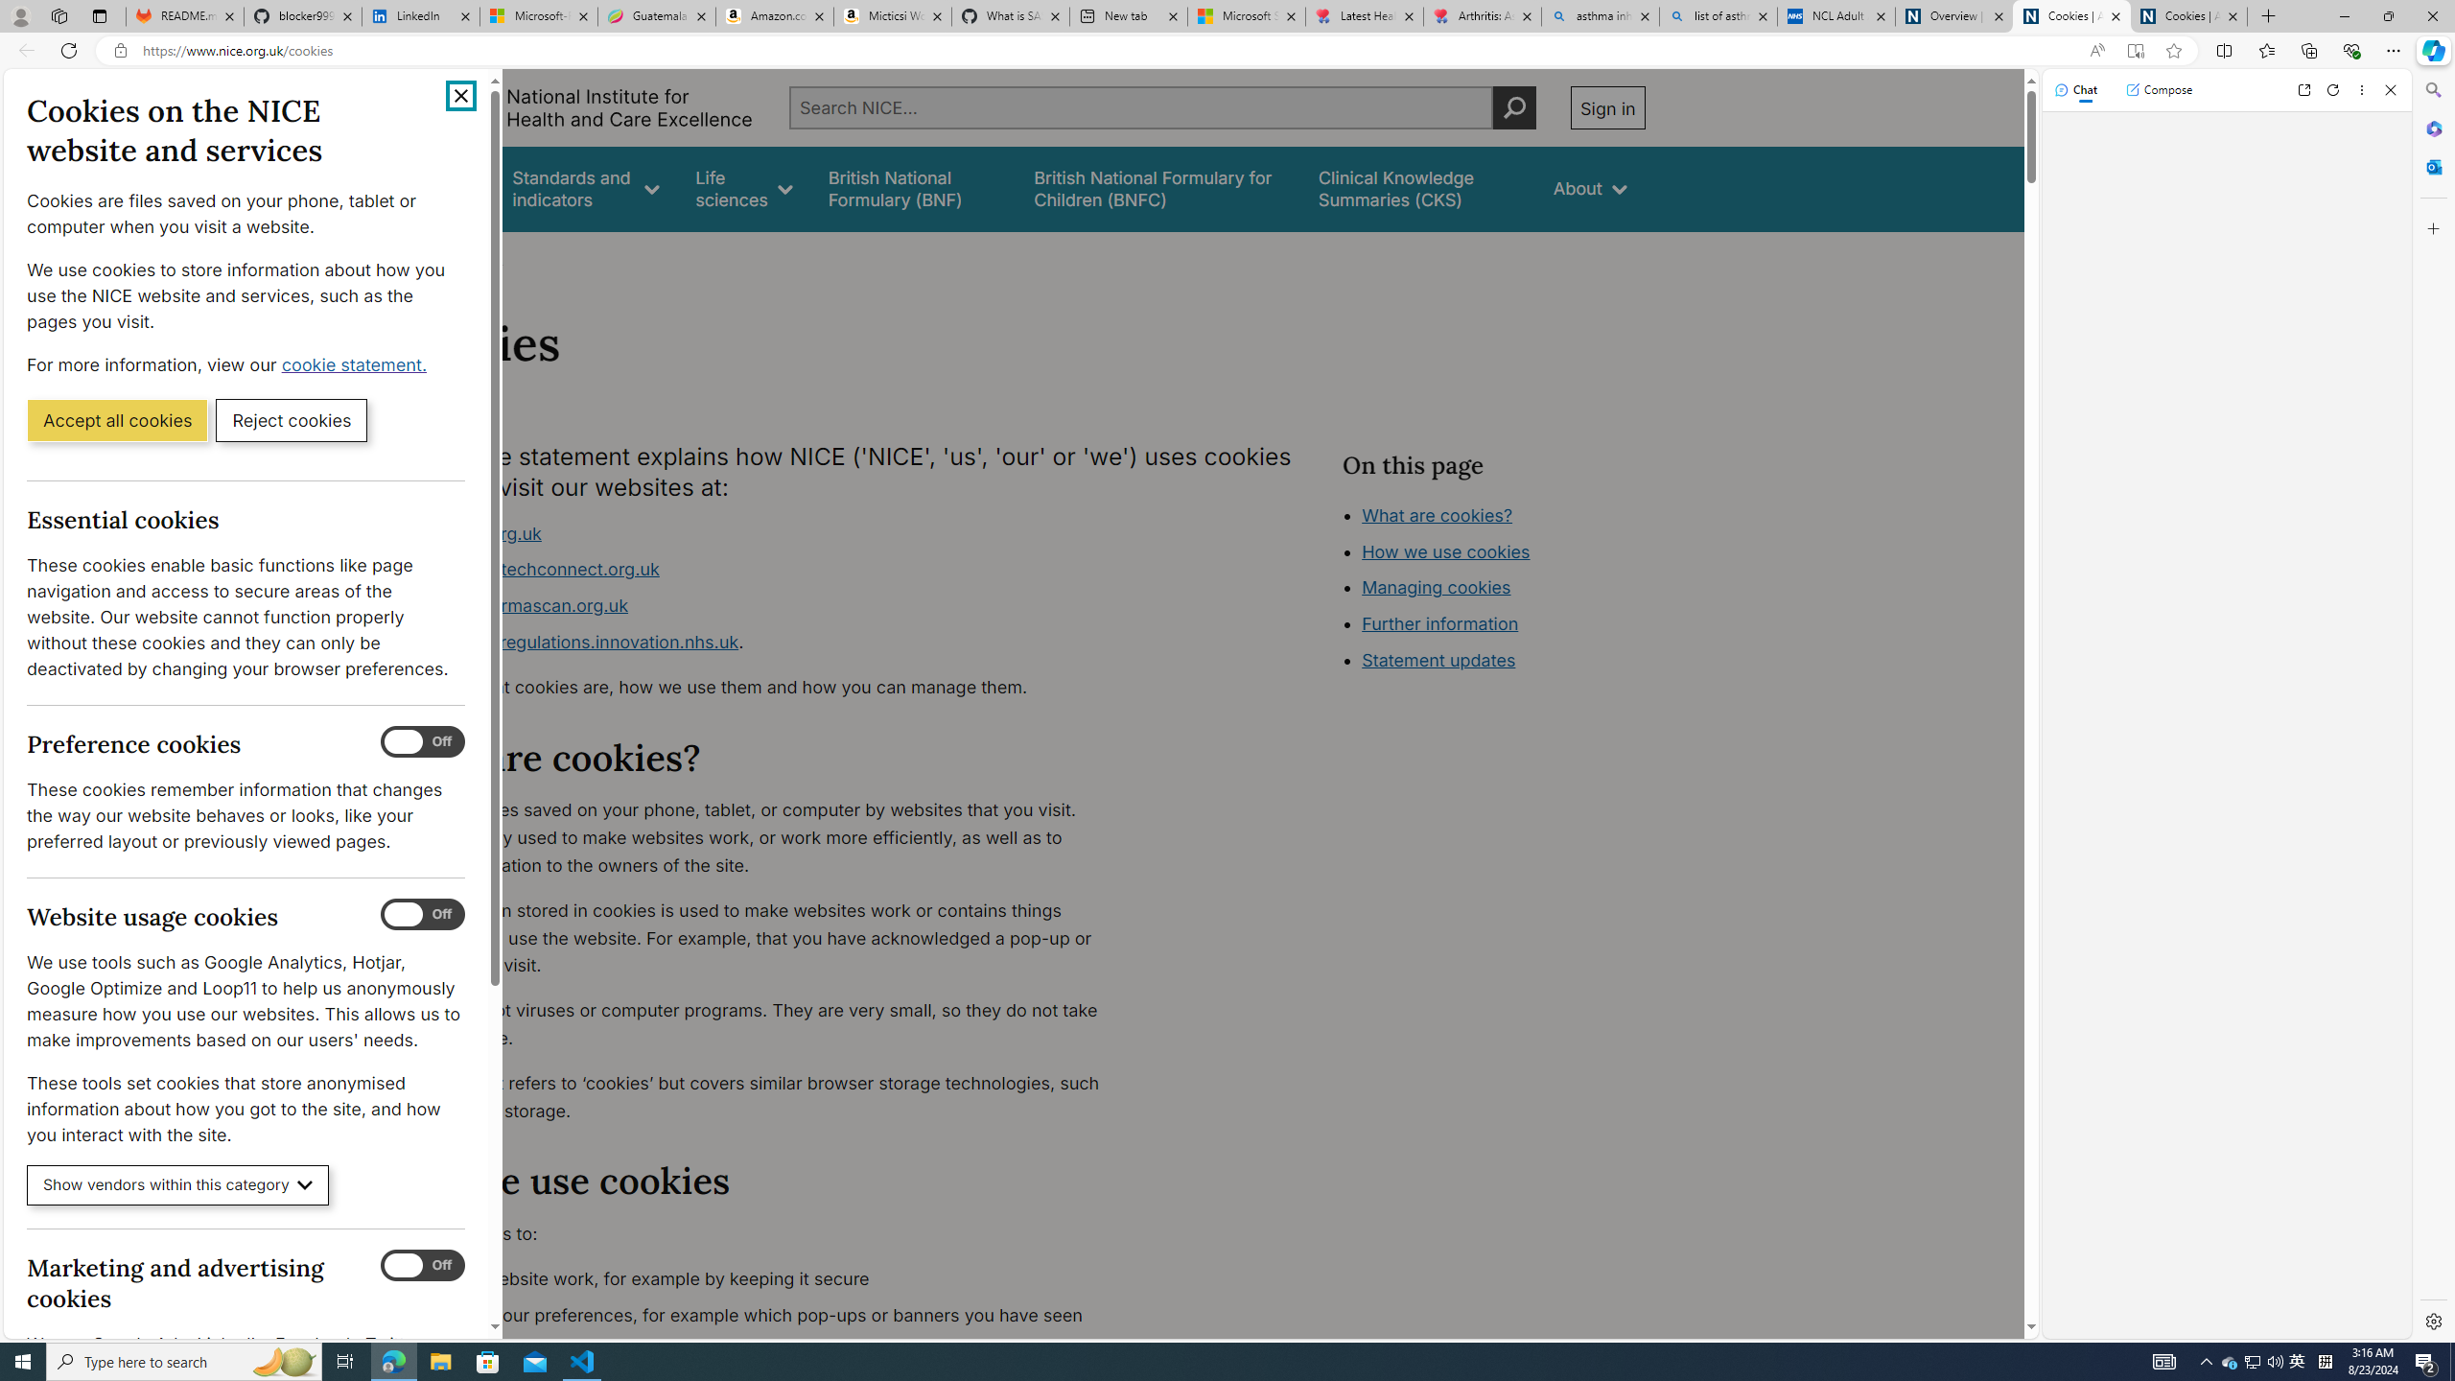  What do you see at coordinates (2188, 15) in the screenshot?
I see `'Cookies | About | NICE'` at bounding box center [2188, 15].